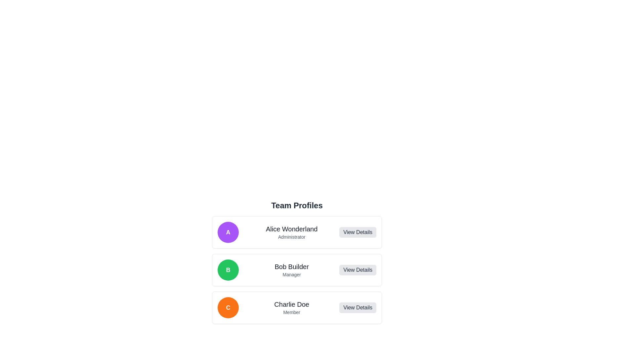 Image resolution: width=635 pixels, height=357 pixels. What do you see at coordinates (358, 232) in the screenshot?
I see `the 'View Details' button, which is a rectangular button with rounded corners, light gray in color, positioned on the right side of the card for 'Alice Wonderland - Administrator'` at bounding box center [358, 232].